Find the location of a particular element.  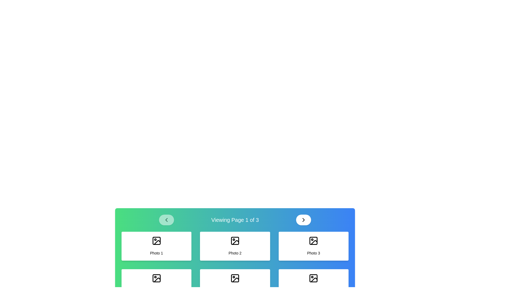

the first Card component in the grid that represents 'Photo 1' is located at coordinates (156, 246).